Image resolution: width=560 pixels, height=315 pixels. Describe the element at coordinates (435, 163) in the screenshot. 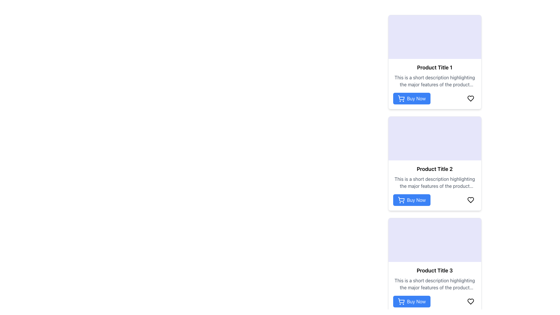

I see `the product card displaying brief details about a product, which is the second card in a vertically stacked list of similar cards` at that location.